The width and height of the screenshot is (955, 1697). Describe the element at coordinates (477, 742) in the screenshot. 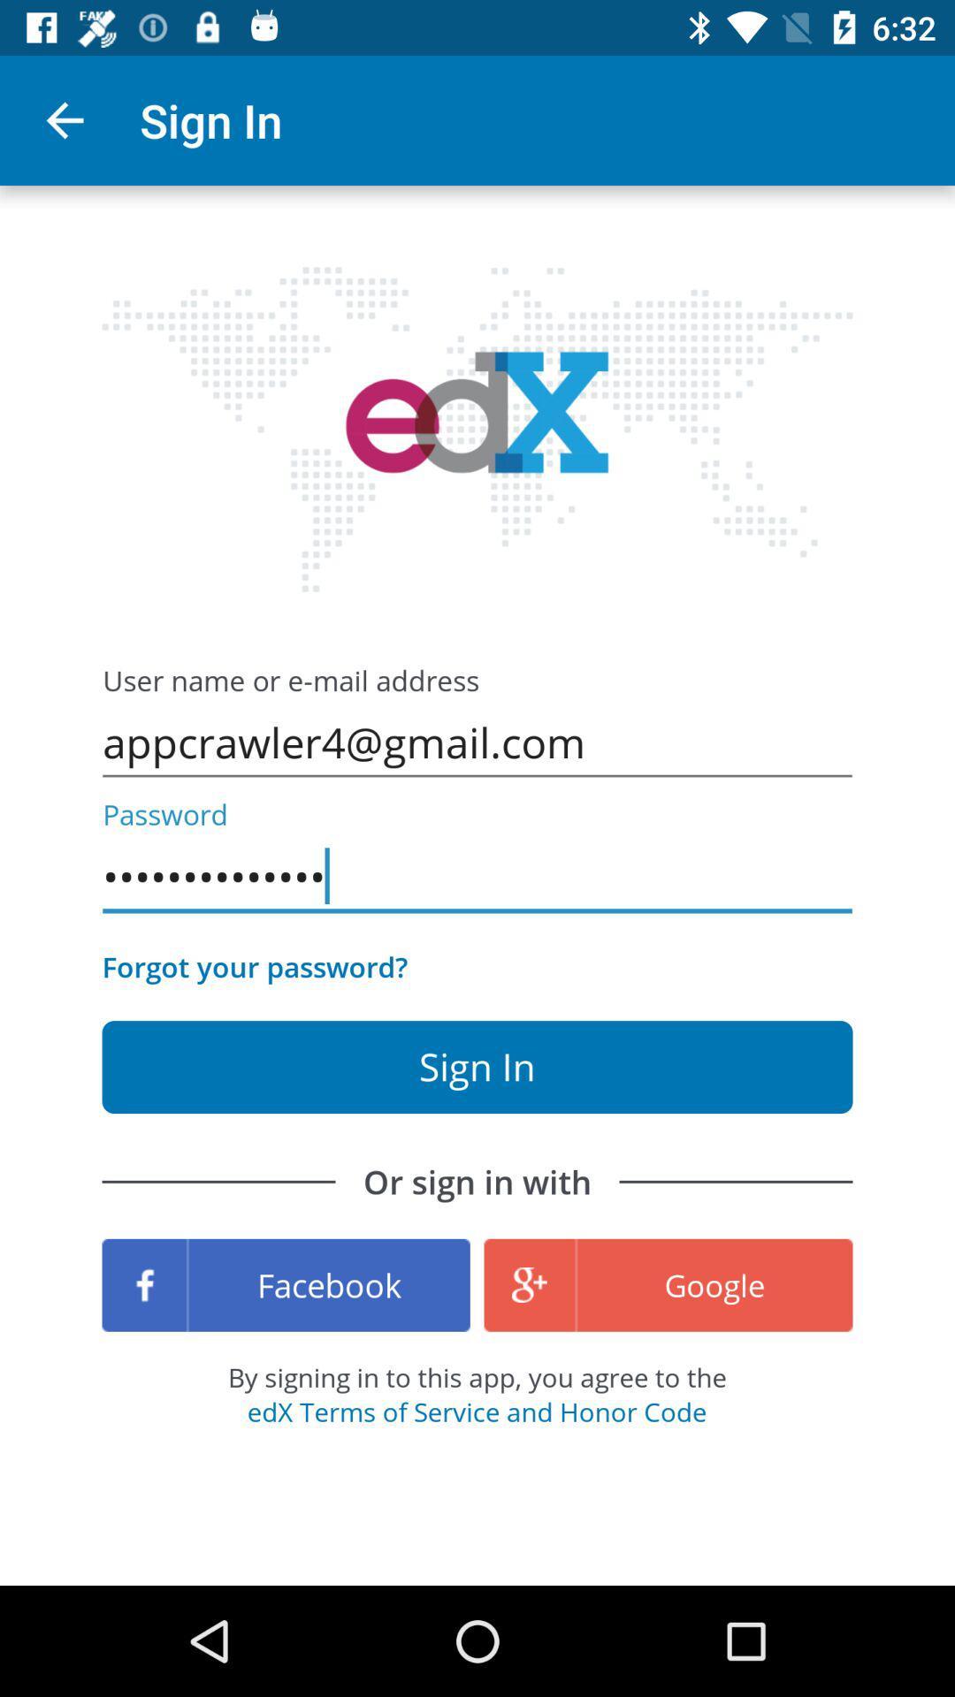

I see `the icon above appcrawler3116 item` at that location.